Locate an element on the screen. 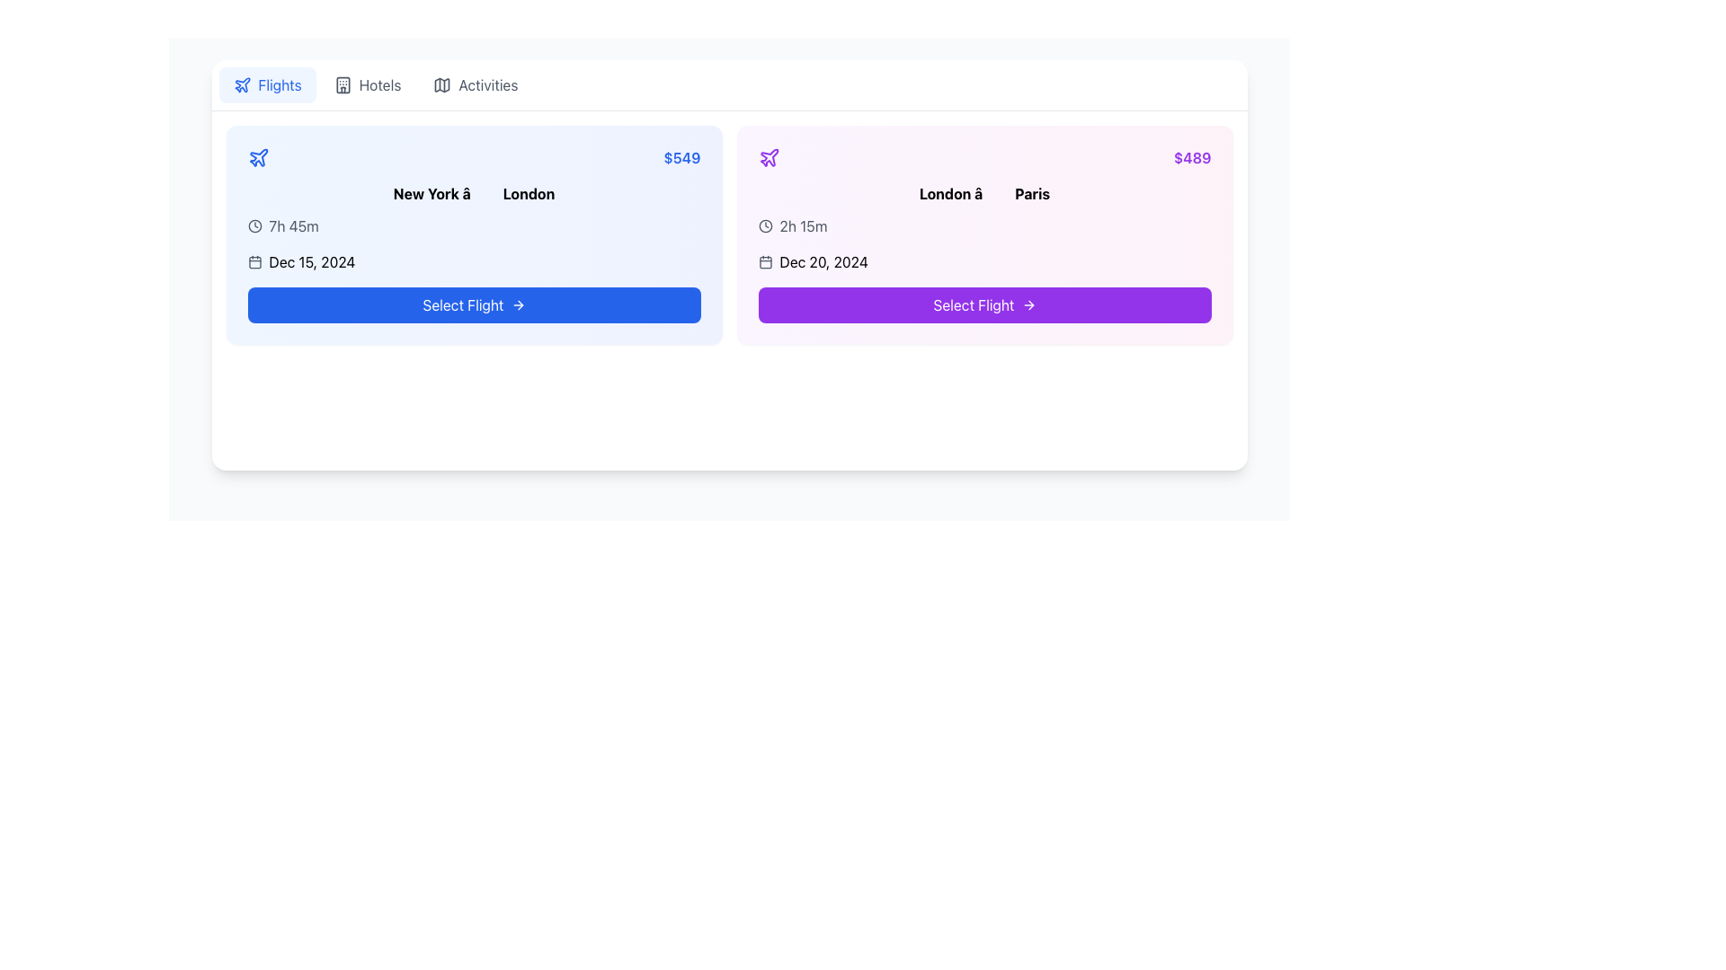 The height and width of the screenshot is (970, 1726). the 'Flights' button which contains the blue text label styled in a clean sans-serif font and is visually adjacent to an airplane icon is located at coordinates (279, 85).